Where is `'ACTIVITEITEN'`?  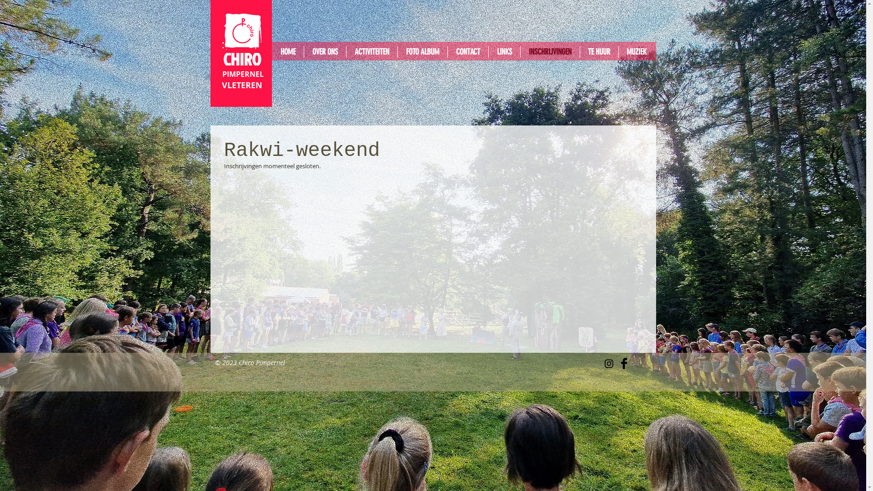 'ACTIVITEITEN' is located at coordinates (371, 52).